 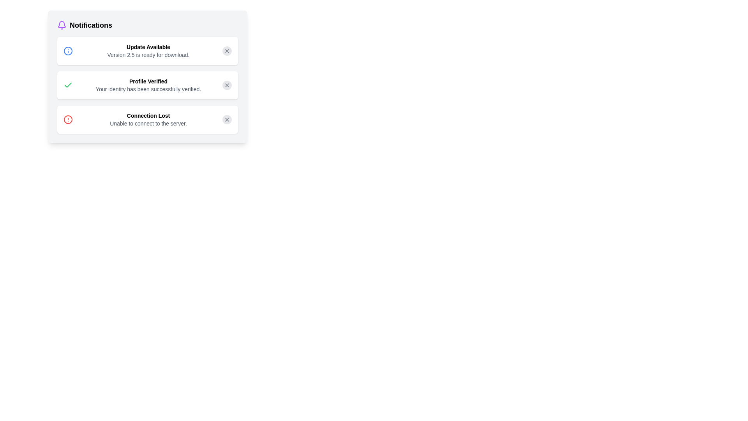 I want to click on the 'Notifications' title to interact with it, so click(x=148, y=25).